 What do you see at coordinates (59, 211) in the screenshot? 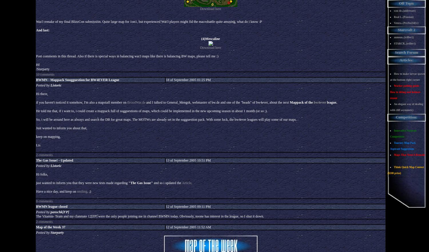
I see `'panschk[FP]'` at bounding box center [59, 211].